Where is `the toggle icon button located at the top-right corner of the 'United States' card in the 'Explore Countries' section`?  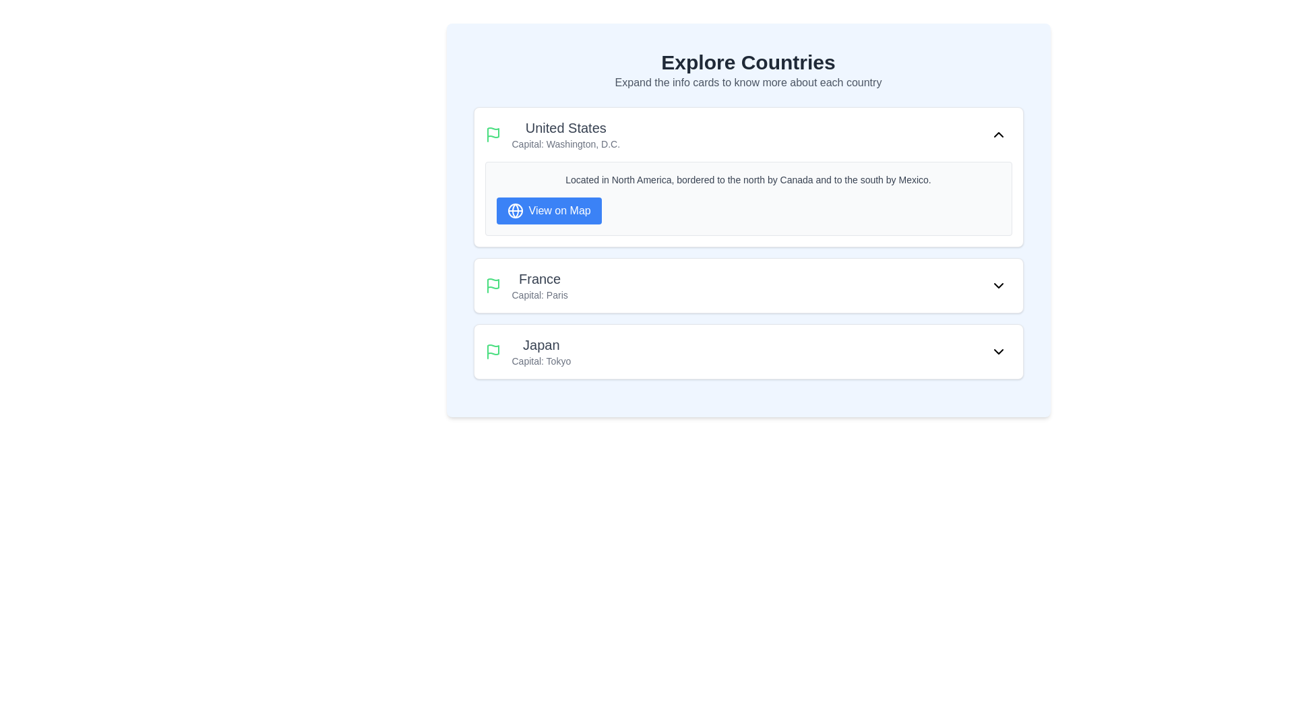
the toggle icon button located at the top-right corner of the 'United States' card in the 'Explore Countries' section is located at coordinates (998, 135).